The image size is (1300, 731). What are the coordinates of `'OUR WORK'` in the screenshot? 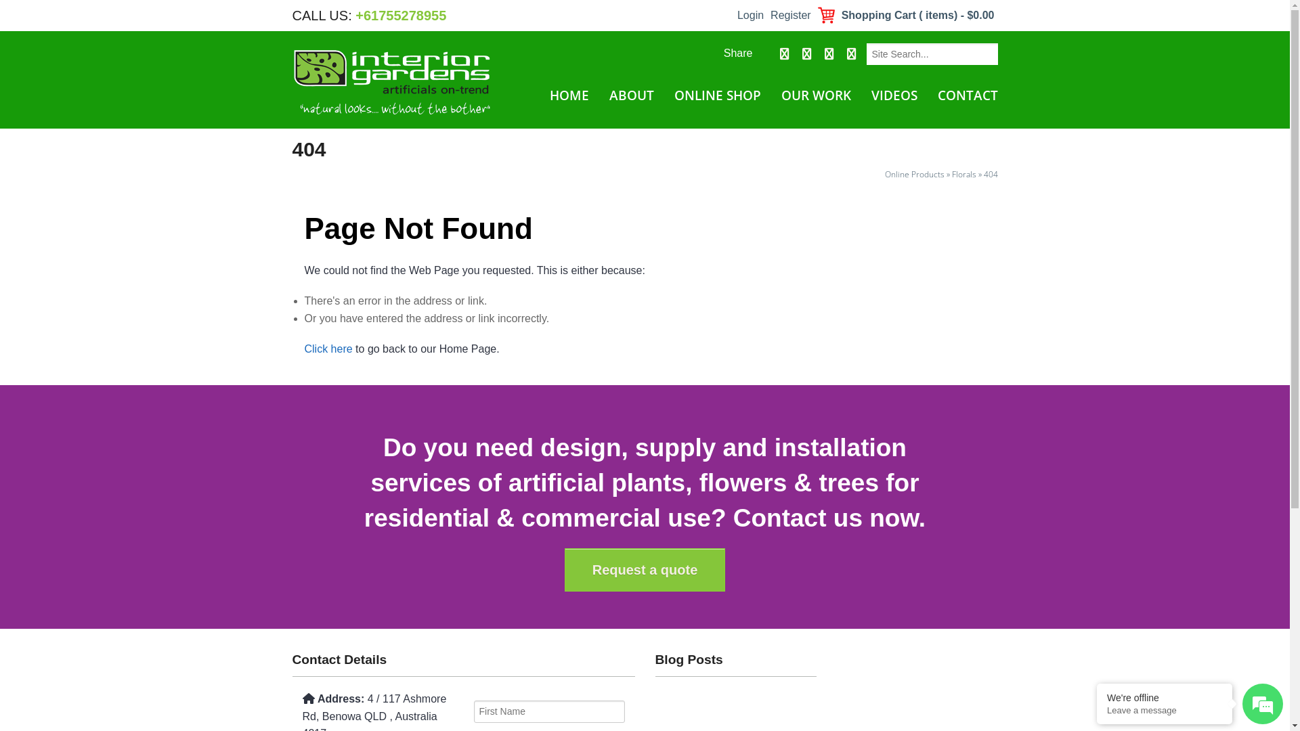 It's located at (815, 95).